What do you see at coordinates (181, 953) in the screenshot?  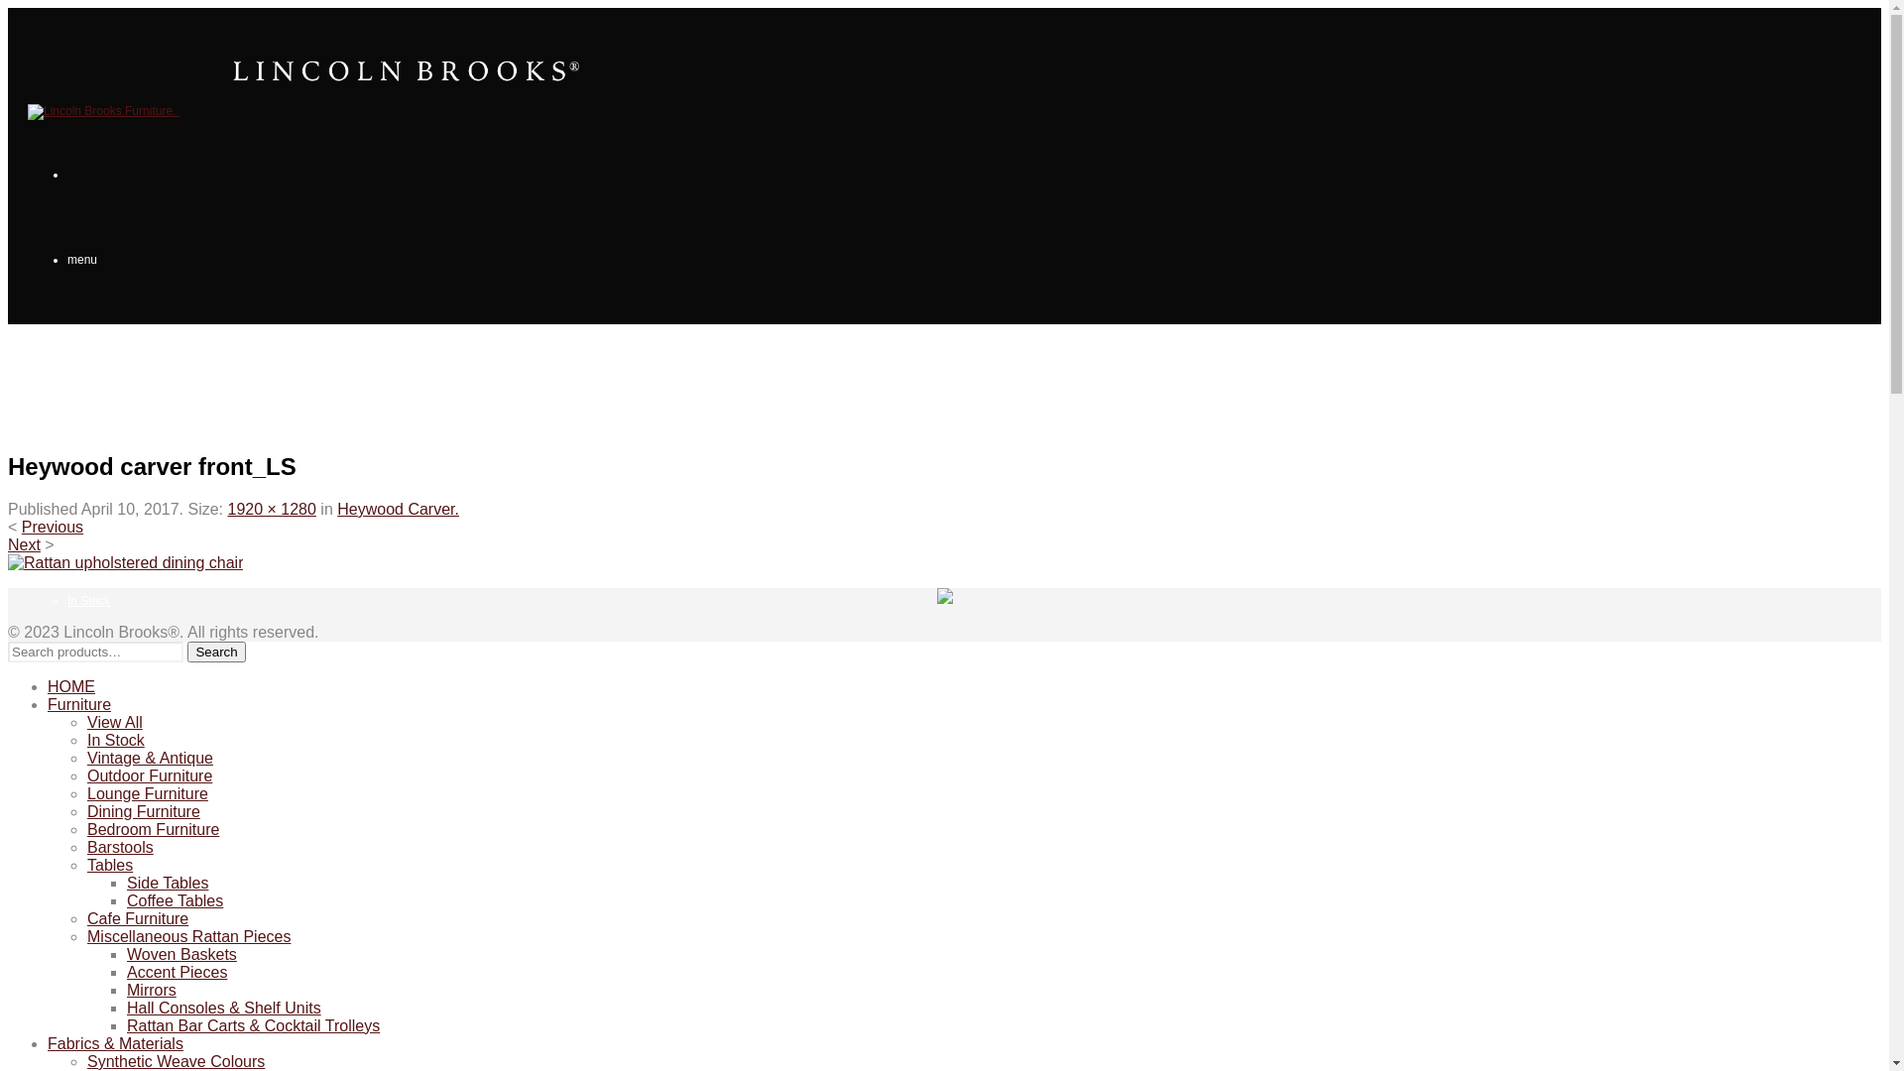 I see `'Woven Baskets'` at bounding box center [181, 953].